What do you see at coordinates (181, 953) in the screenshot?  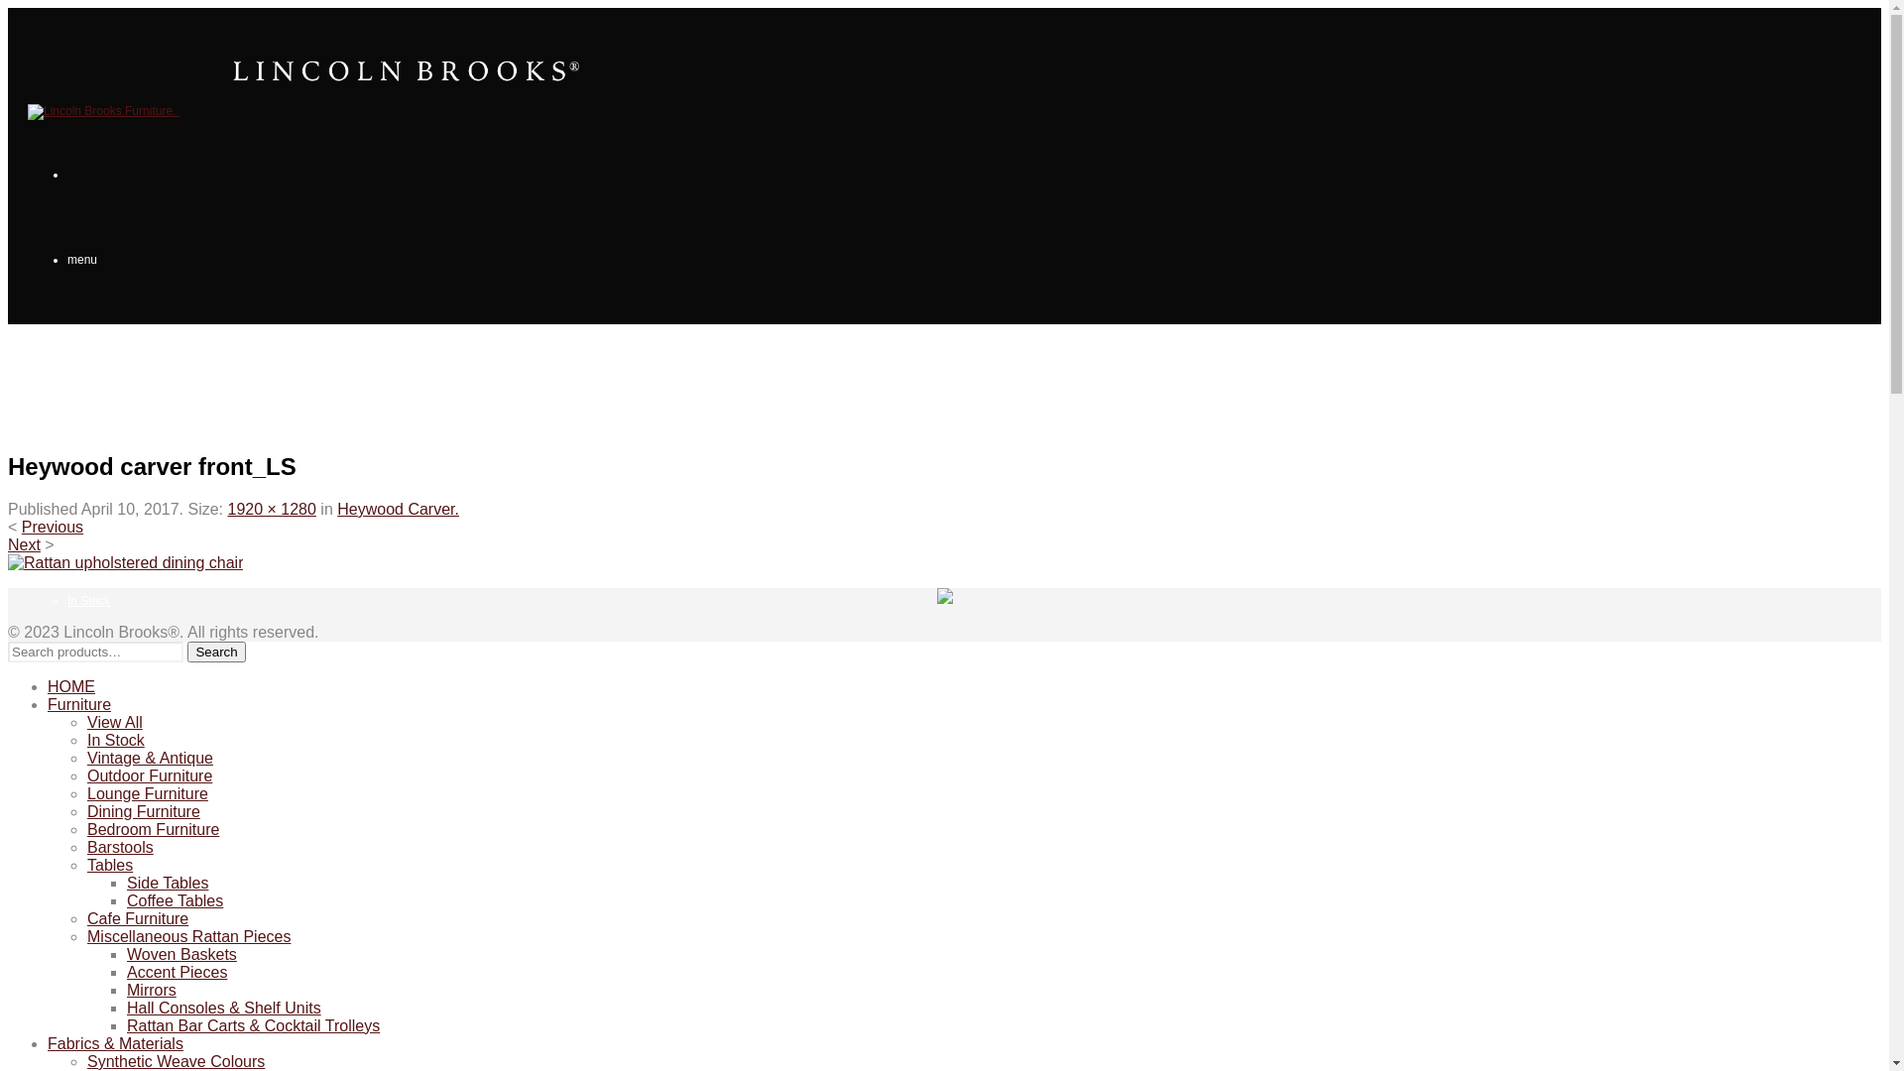 I see `'Woven Baskets'` at bounding box center [181, 953].